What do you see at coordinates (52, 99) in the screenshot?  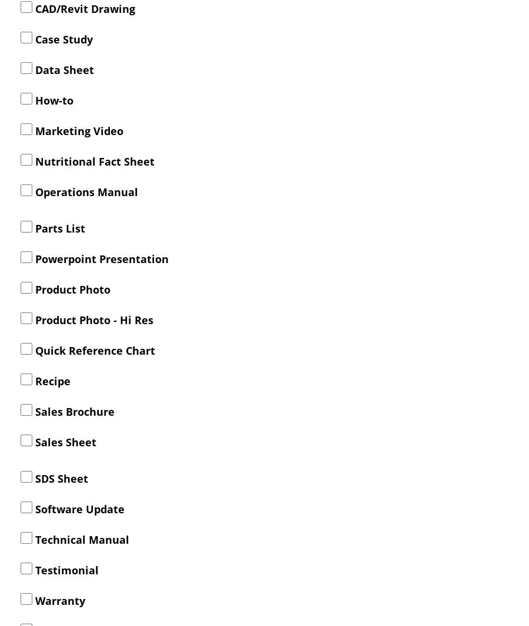 I see `'How-to'` at bounding box center [52, 99].